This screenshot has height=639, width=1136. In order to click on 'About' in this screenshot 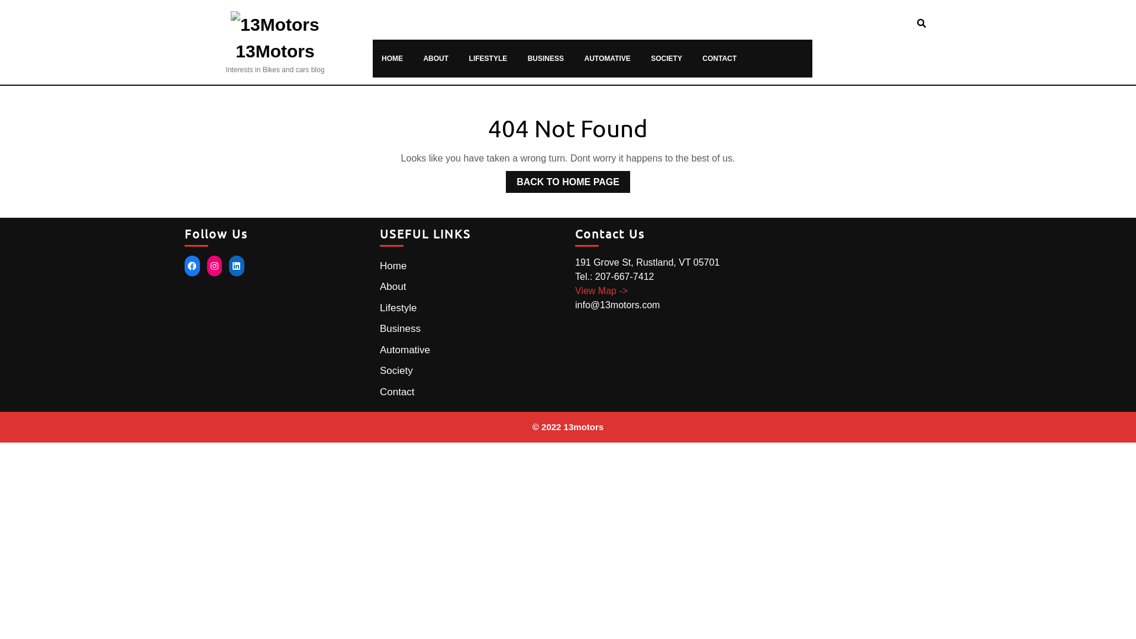, I will do `click(380, 286)`.